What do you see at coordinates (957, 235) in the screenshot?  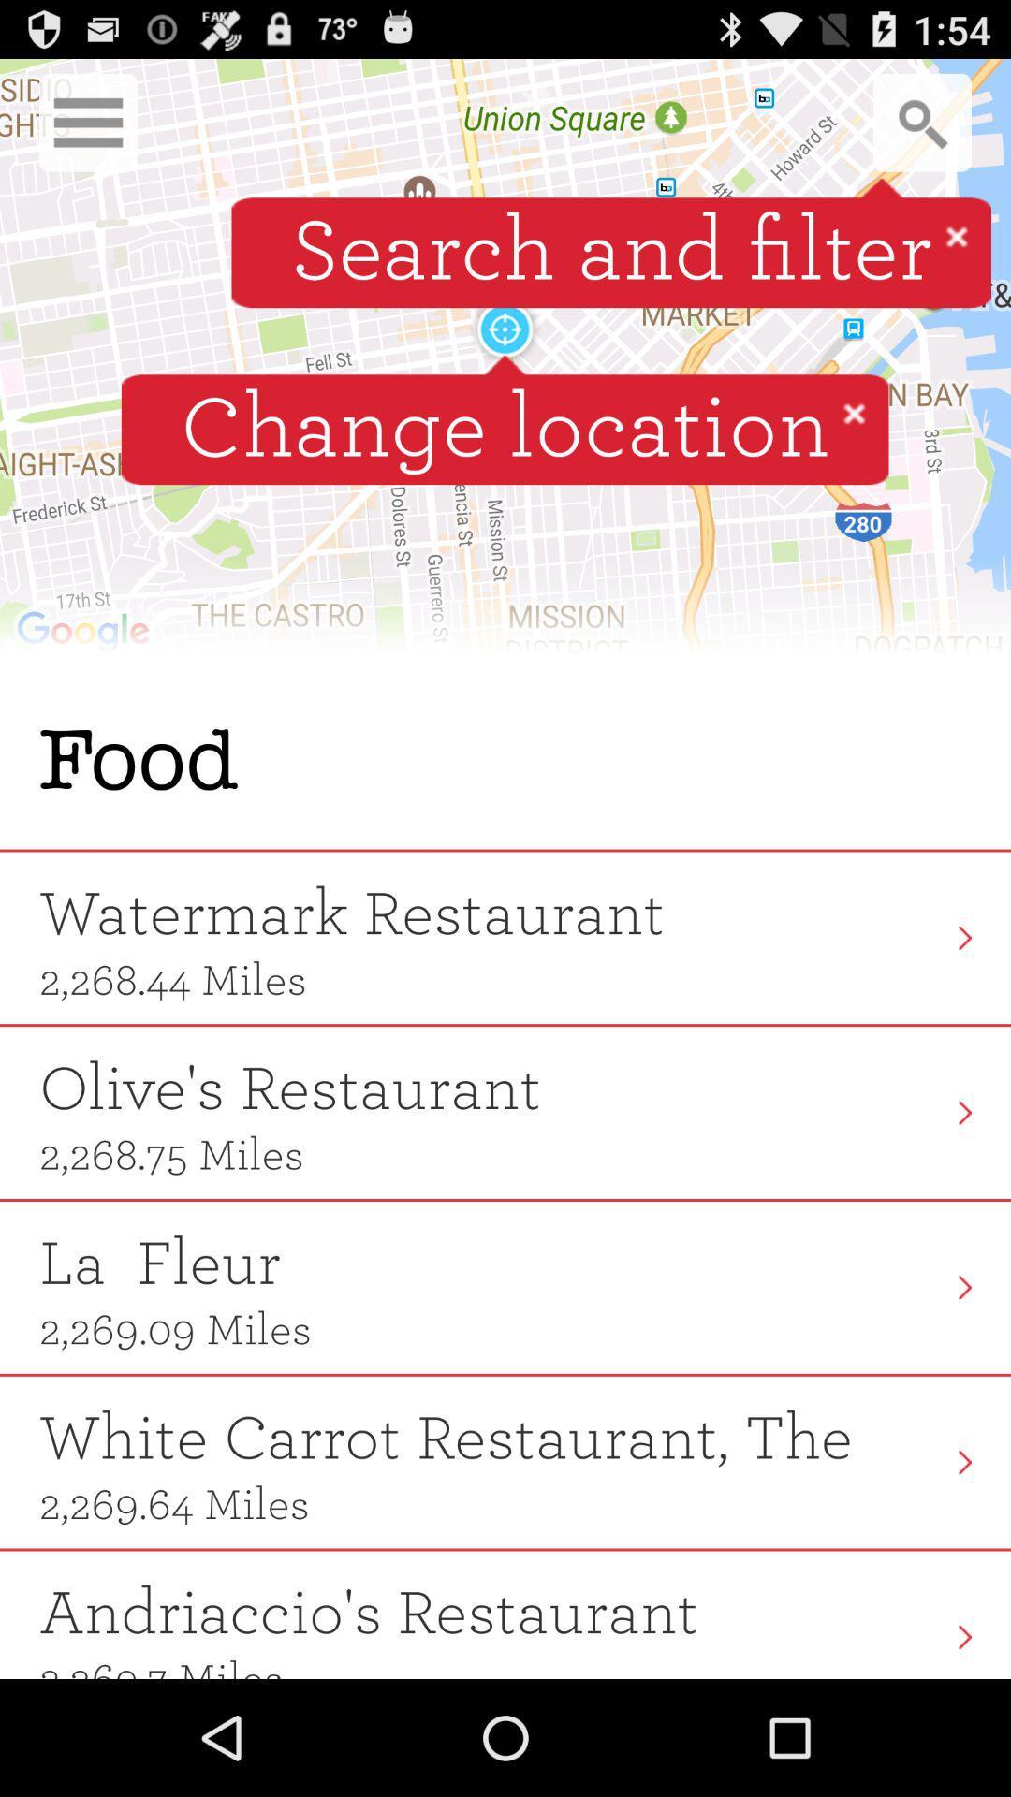 I see `remove search and filter` at bounding box center [957, 235].